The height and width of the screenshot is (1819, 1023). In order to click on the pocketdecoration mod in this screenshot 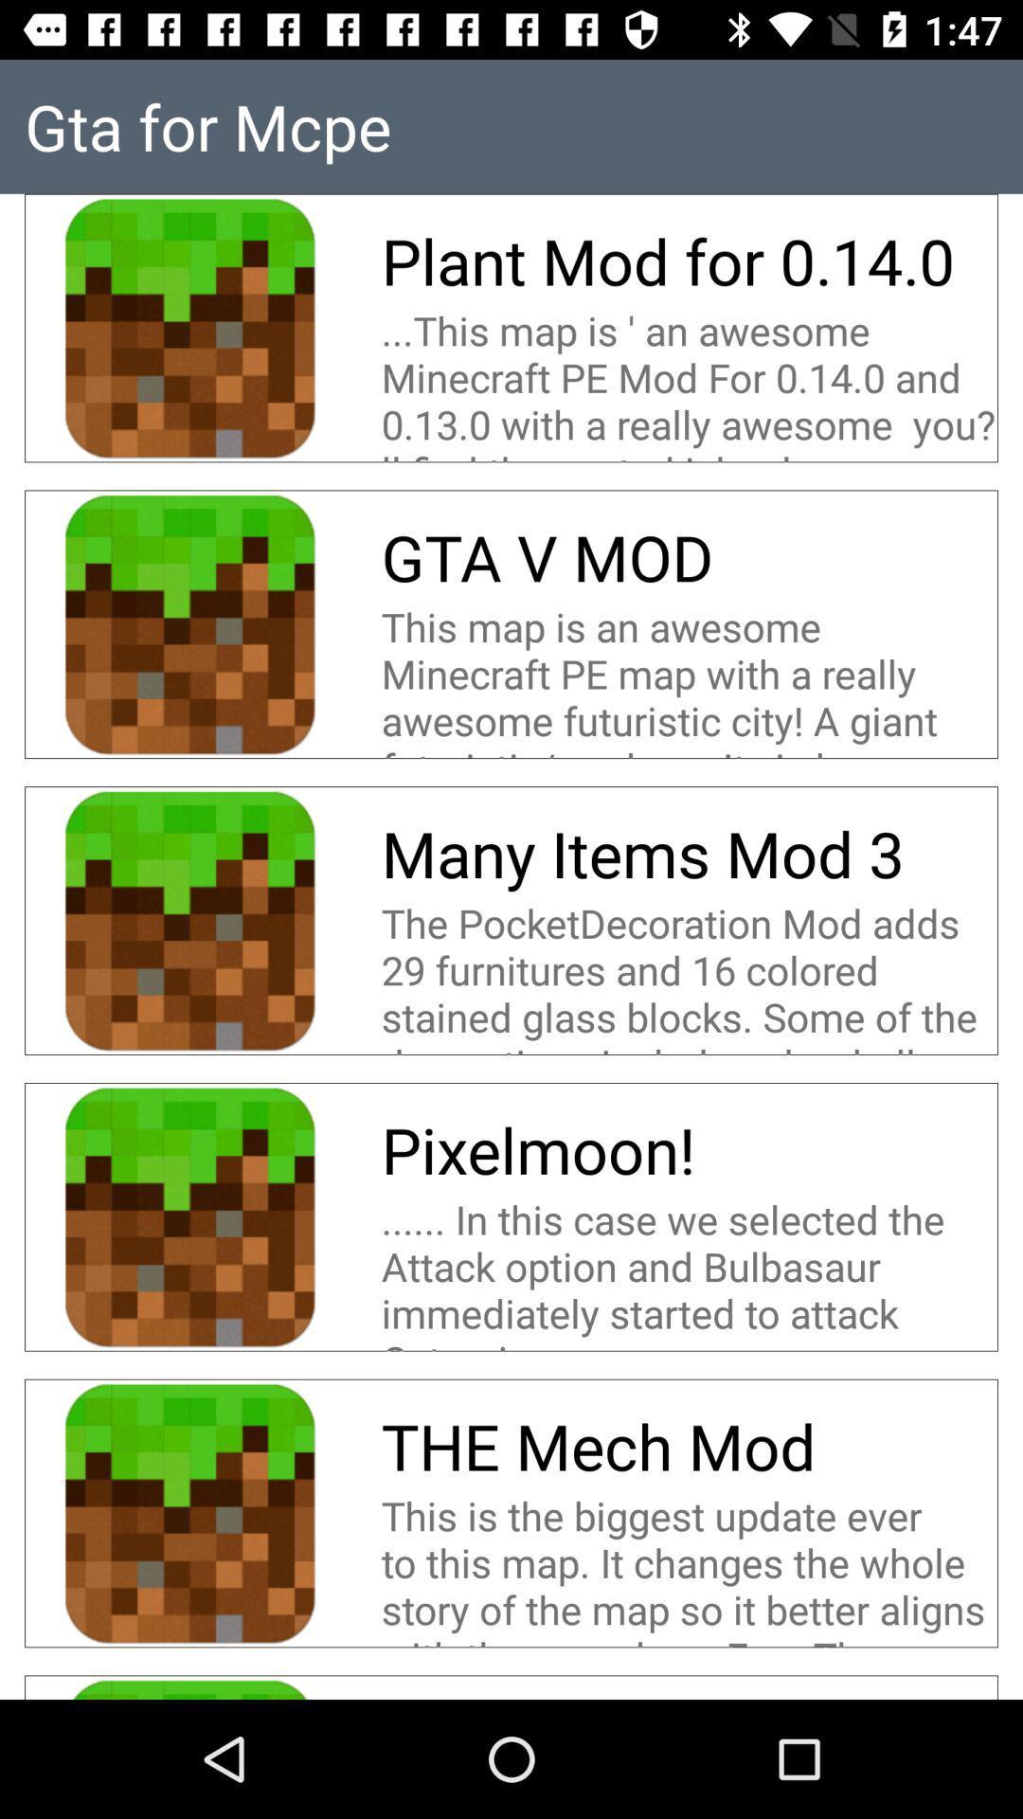, I will do `click(690, 975)`.